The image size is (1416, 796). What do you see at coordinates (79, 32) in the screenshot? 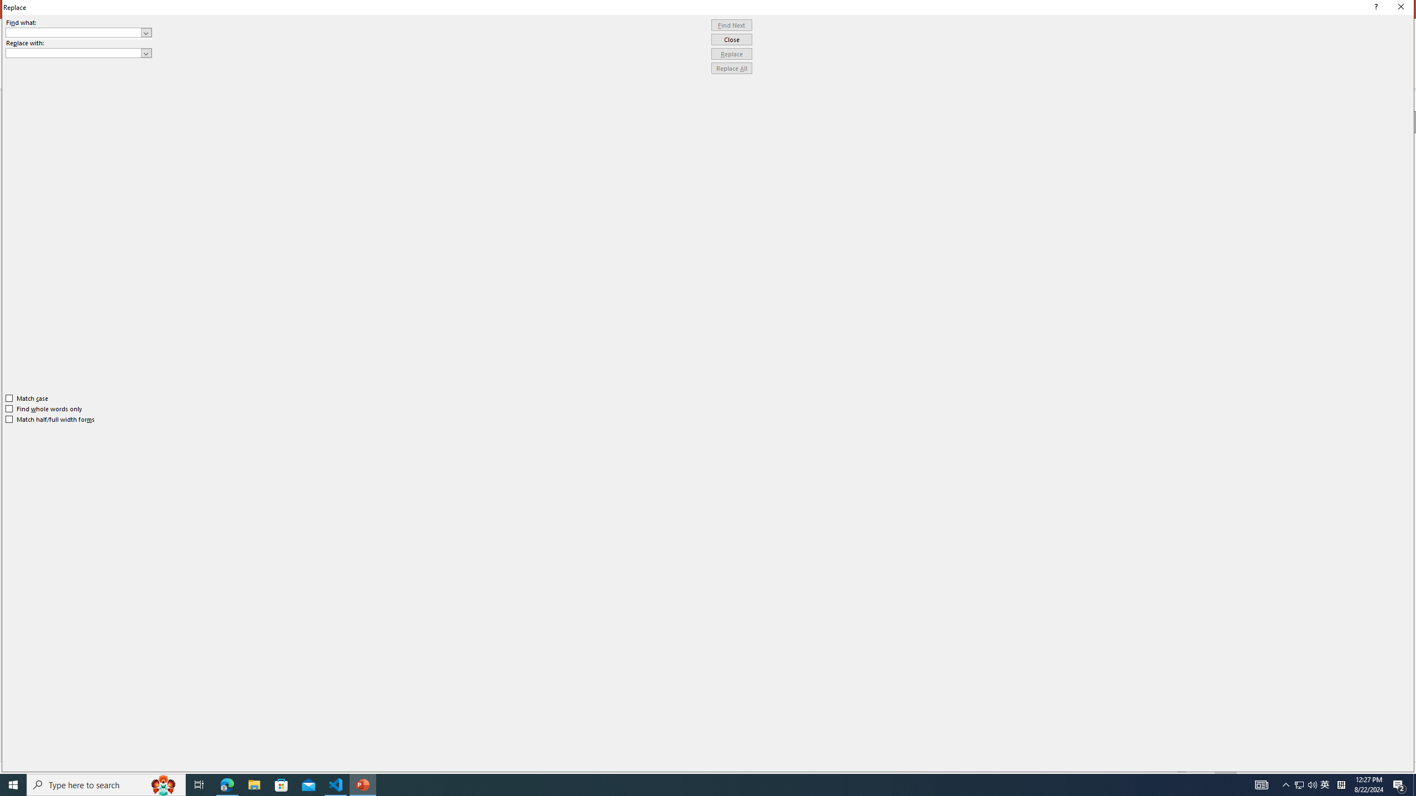
I see `'Find what'` at bounding box center [79, 32].